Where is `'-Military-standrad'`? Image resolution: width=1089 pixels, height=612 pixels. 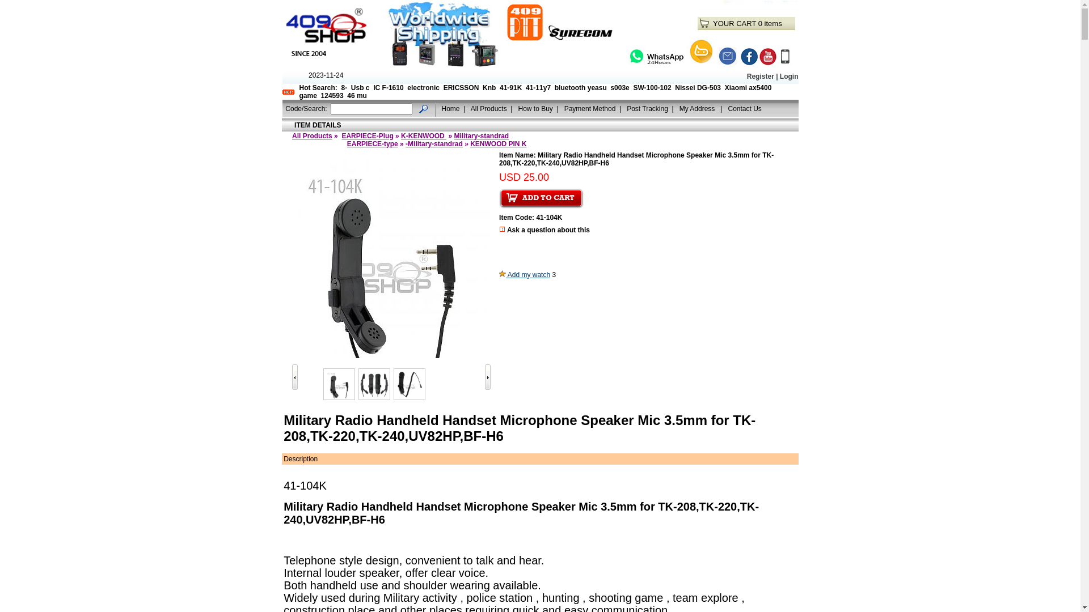 '-Military-standrad' is located at coordinates (433, 143).